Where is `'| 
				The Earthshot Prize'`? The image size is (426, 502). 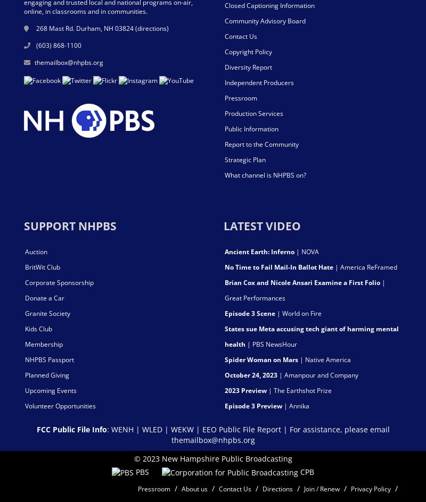
'| 
				The Earthshot Prize' is located at coordinates (299, 390).